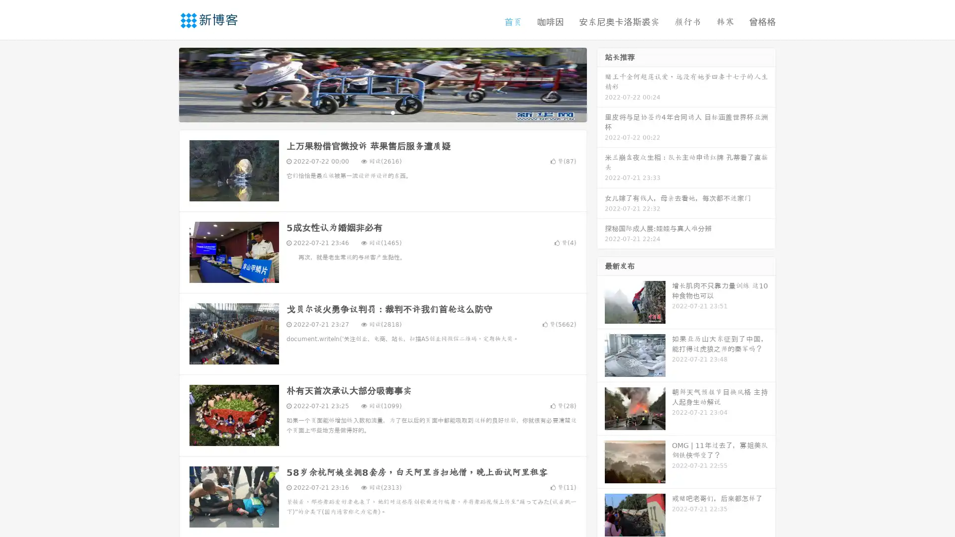  Describe the element at coordinates (382, 112) in the screenshot. I see `Go to slide 2` at that location.